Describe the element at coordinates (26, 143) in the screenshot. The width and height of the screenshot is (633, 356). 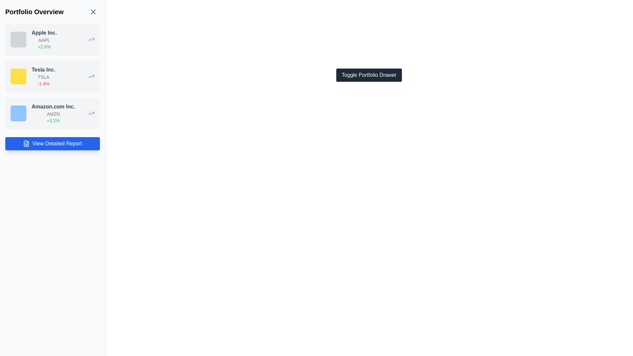
I see `the decorative icon located in the bottom-left corner of the sidebar within the 'View Detailed Report' button area, which symbolizes the action of generating or viewing a detailed report` at that location.